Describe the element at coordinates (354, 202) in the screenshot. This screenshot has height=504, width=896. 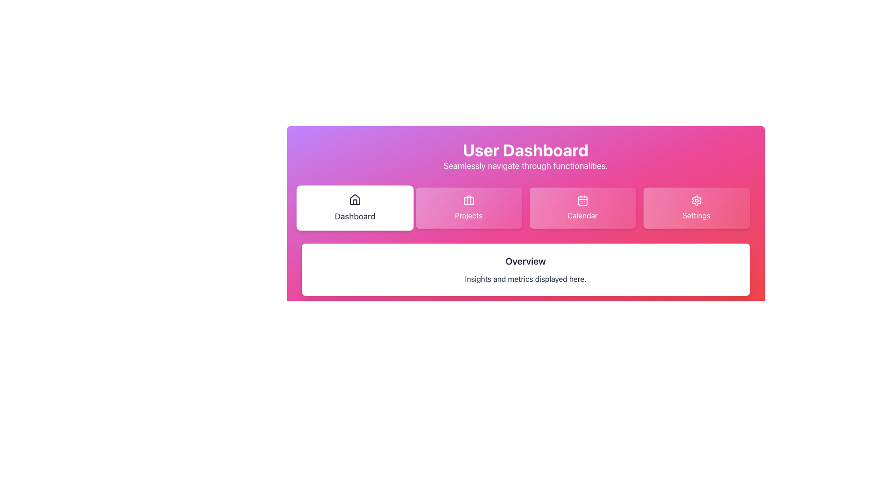
I see `the 'Dashboard' button represented by a house icon in the navigation section` at that location.